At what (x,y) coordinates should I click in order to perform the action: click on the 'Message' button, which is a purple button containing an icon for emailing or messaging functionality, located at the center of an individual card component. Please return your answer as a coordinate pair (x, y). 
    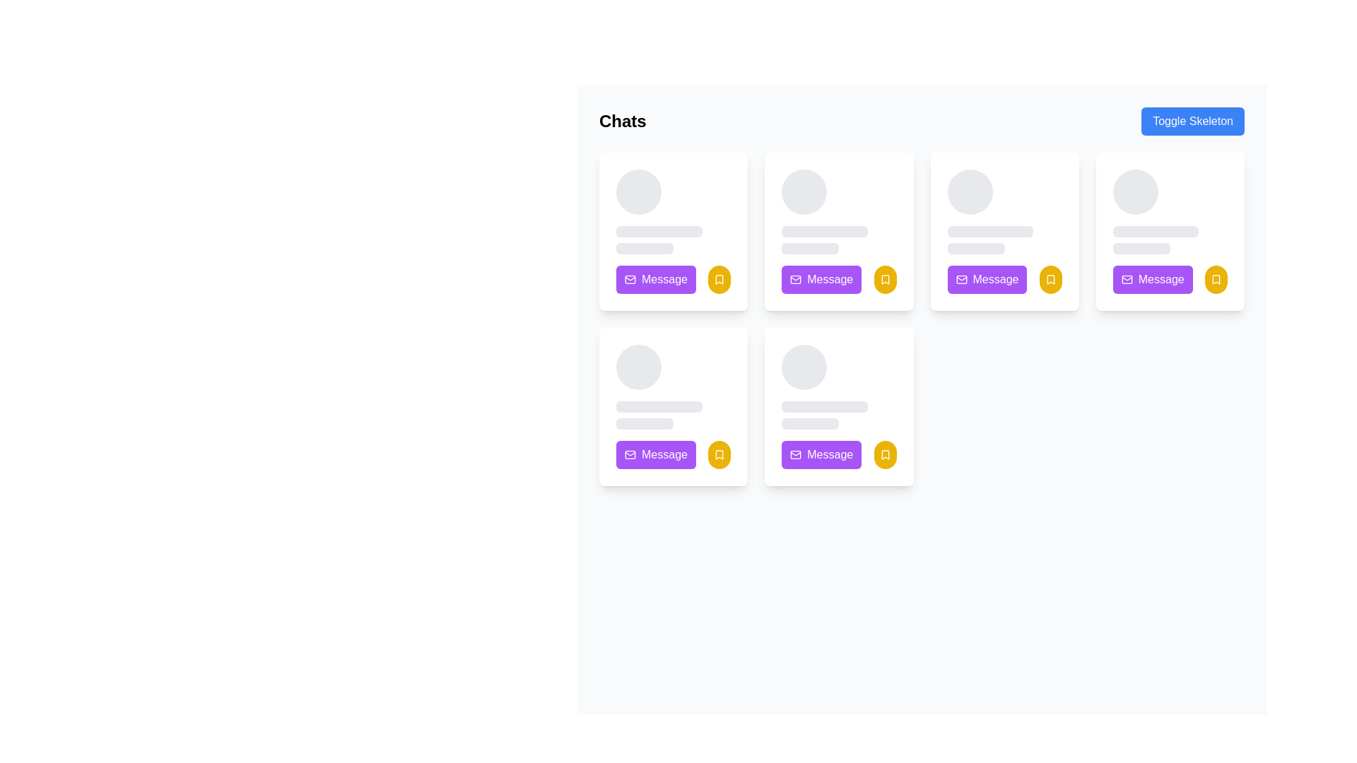
    Looking at the image, I should click on (961, 280).